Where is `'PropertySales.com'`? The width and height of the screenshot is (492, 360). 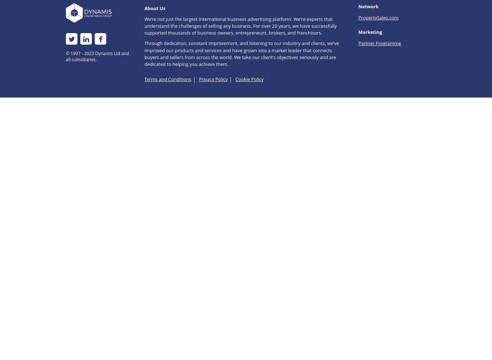 'PropertySales.com' is located at coordinates (378, 17).